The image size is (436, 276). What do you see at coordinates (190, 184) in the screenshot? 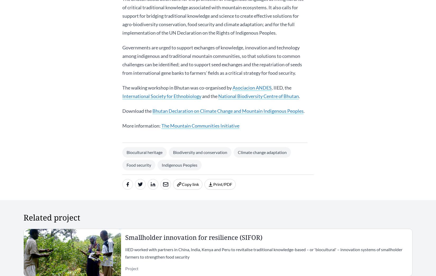
I see `'Copy link'` at bounding box center [190, 184].